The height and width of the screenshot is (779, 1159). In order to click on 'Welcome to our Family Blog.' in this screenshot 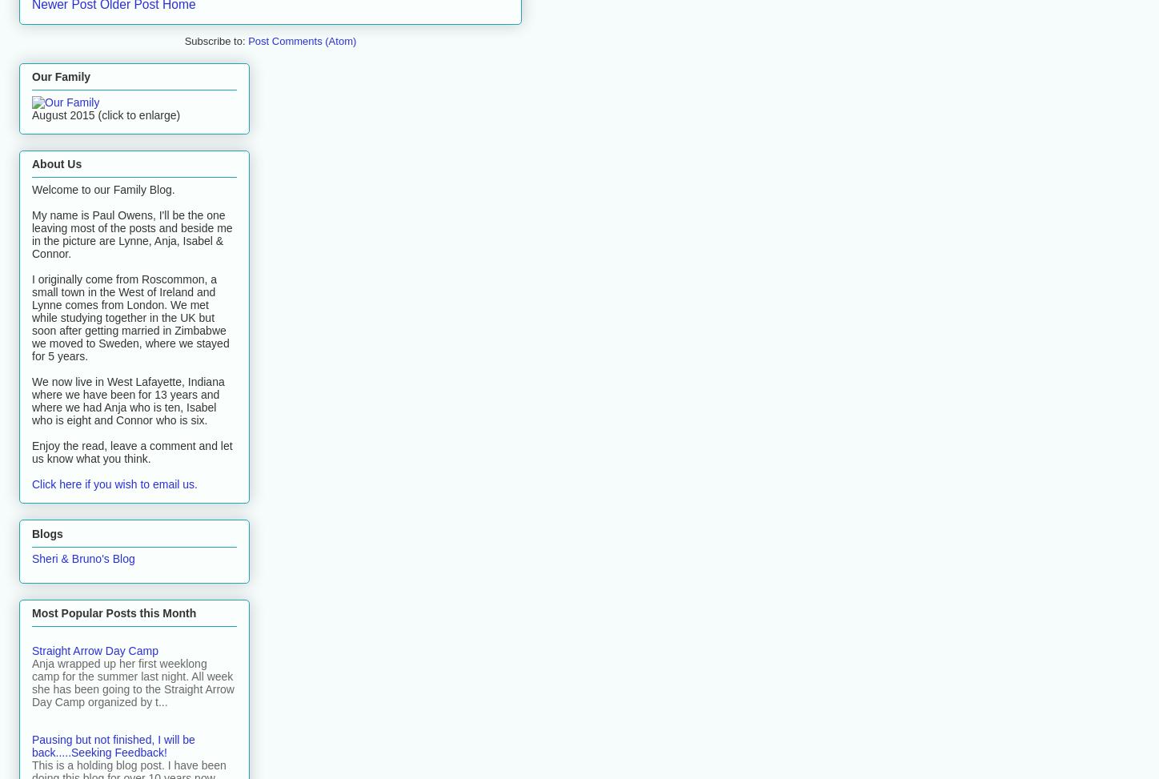, I will do `click(31, 189)`.